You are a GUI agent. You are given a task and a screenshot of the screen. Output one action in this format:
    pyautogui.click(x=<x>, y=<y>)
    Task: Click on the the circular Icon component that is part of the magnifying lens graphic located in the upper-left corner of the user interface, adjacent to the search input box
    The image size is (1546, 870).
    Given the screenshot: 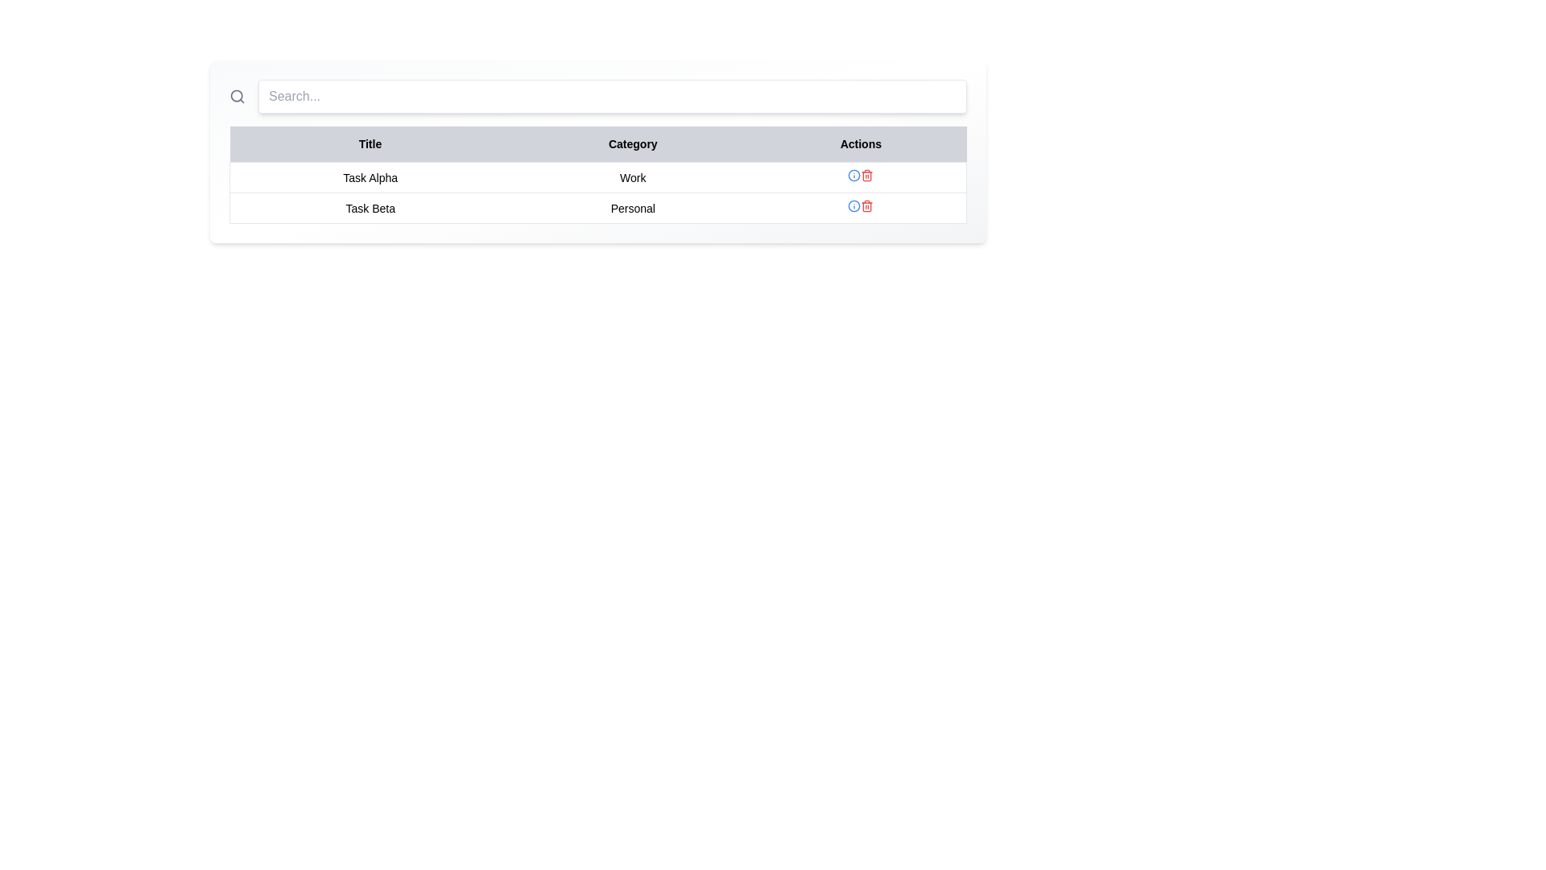 What is the action you would take?
    pyautogui.click(x=236, y=96)
    